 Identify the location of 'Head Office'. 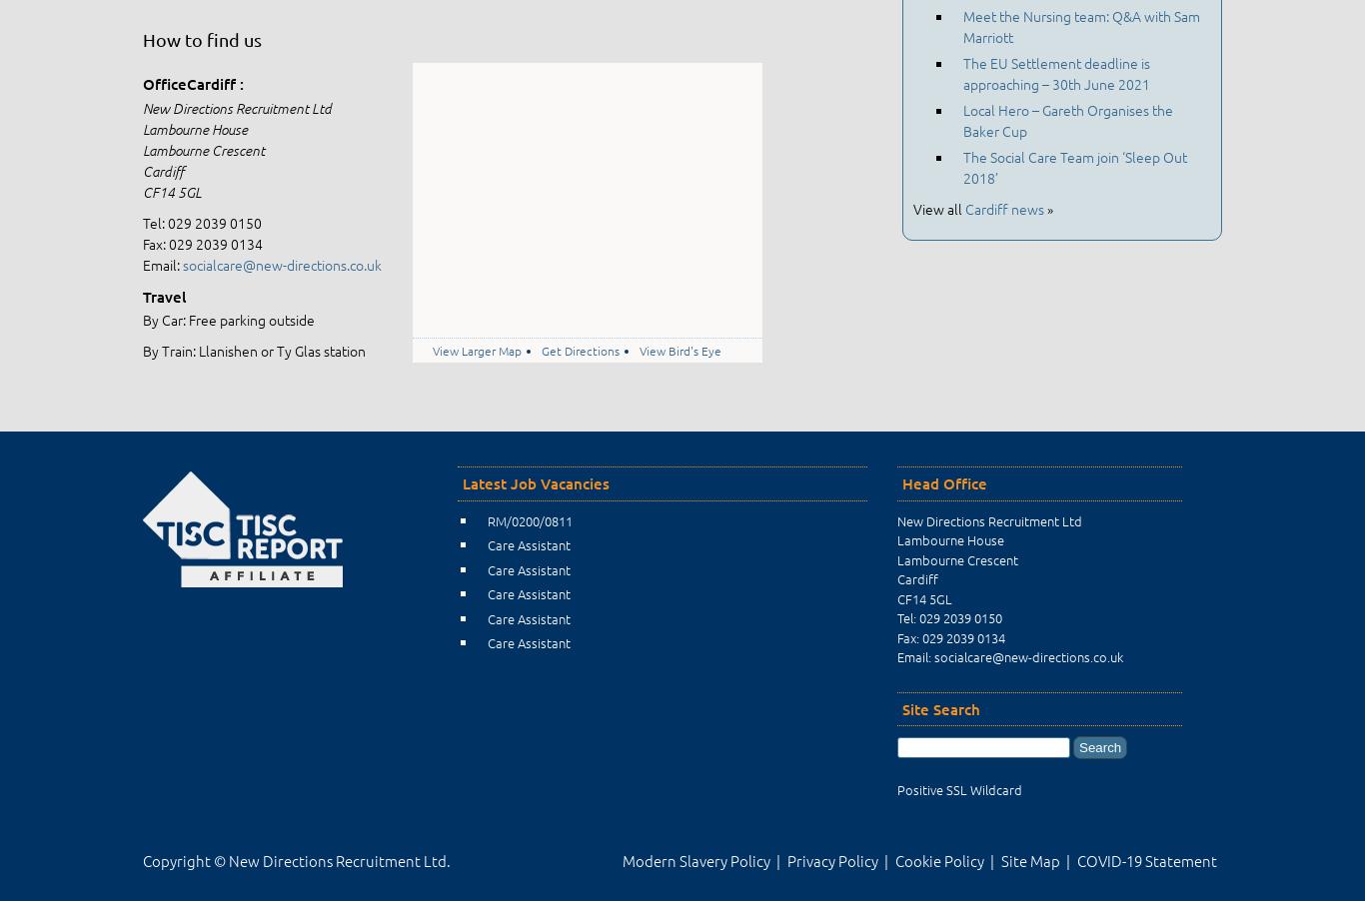
(944, 482).